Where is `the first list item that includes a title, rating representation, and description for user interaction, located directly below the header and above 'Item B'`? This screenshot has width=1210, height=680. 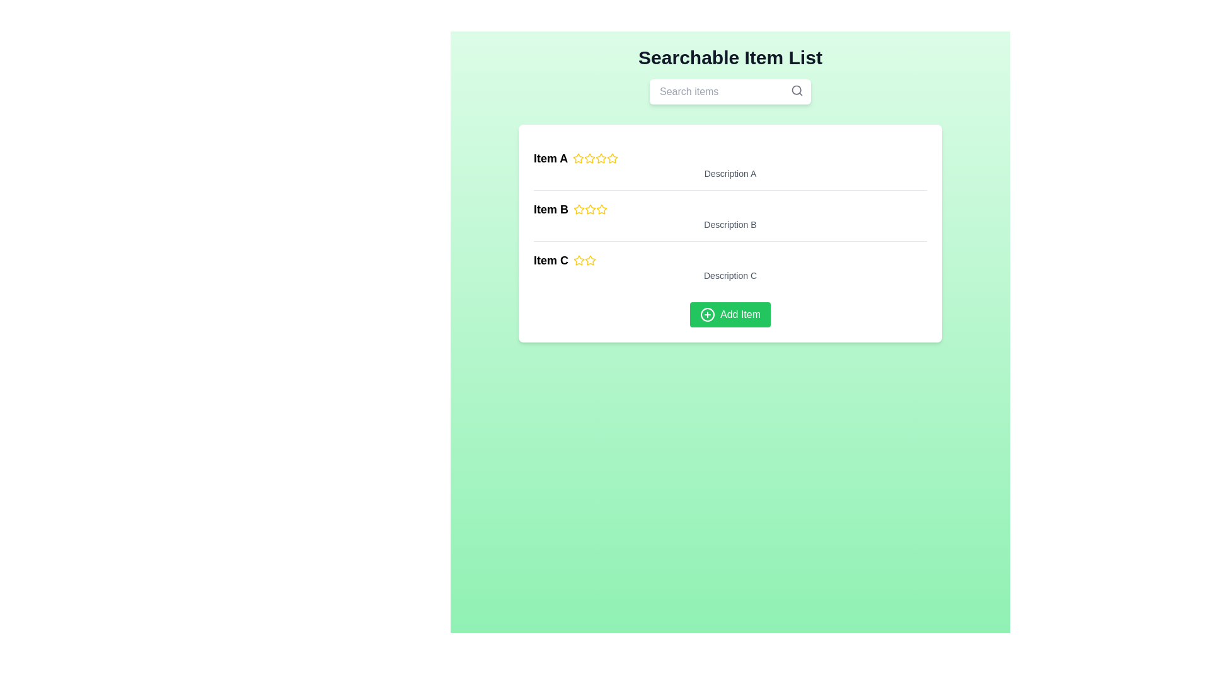 the first list item that includes a title, rating representation, and description for user interaction, located directly below the header and above 'Item B' is located at coordinates (730, 164).